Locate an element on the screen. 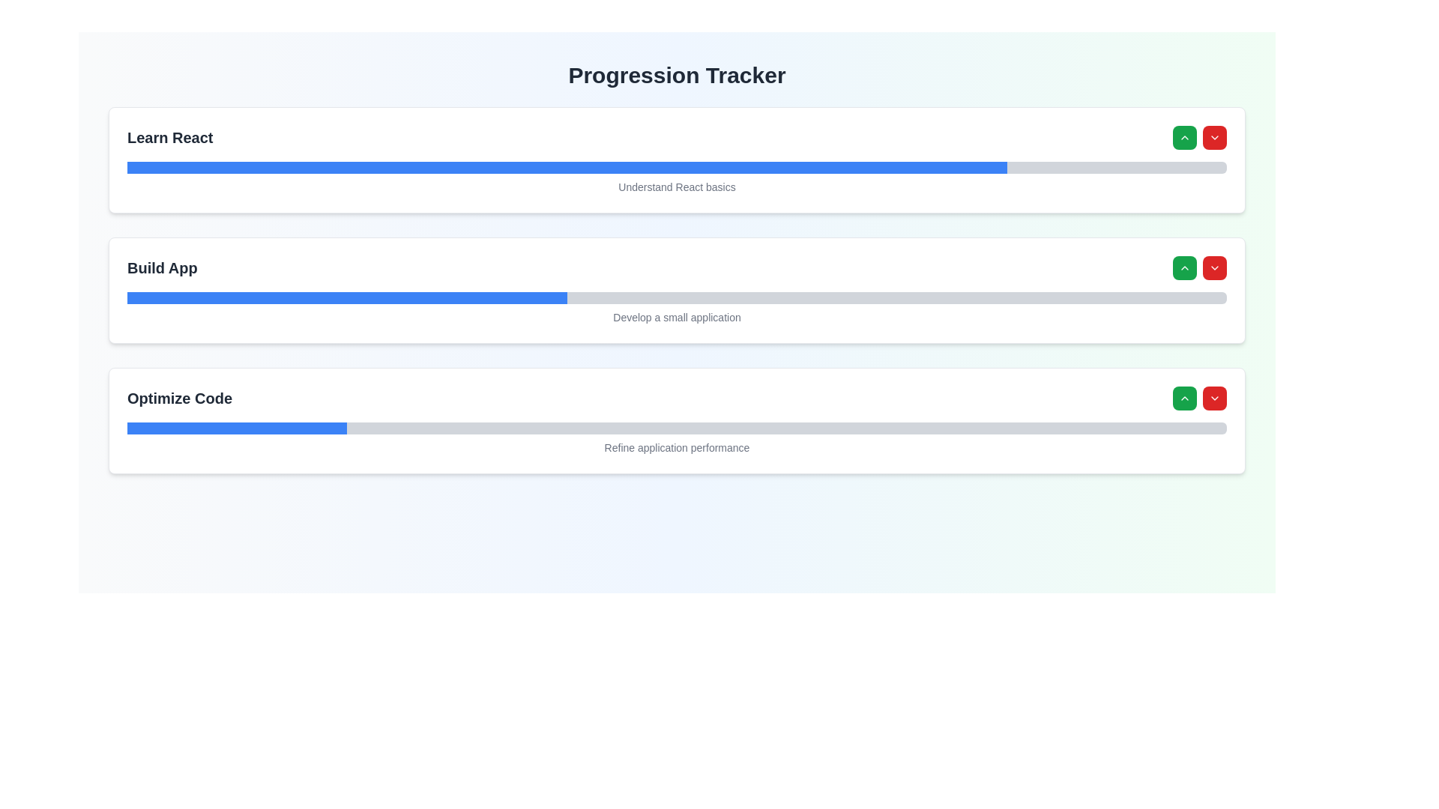 The width and height of the screenshot is (1439, 809). the upward-pointing arrow icon button with a green background, located to the left of the red downward-pointing arrow within the 'Optimize Code' section is located at coordinates (1183, 398).